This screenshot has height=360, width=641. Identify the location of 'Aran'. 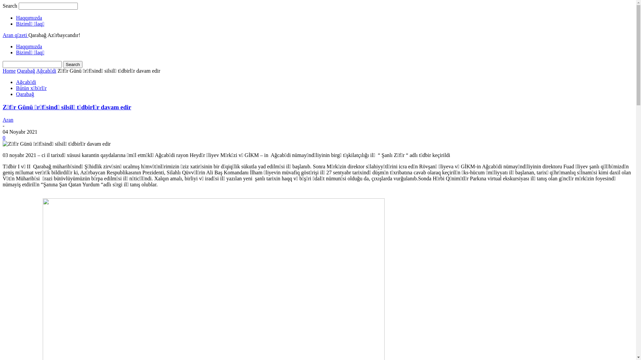
(3, 119).